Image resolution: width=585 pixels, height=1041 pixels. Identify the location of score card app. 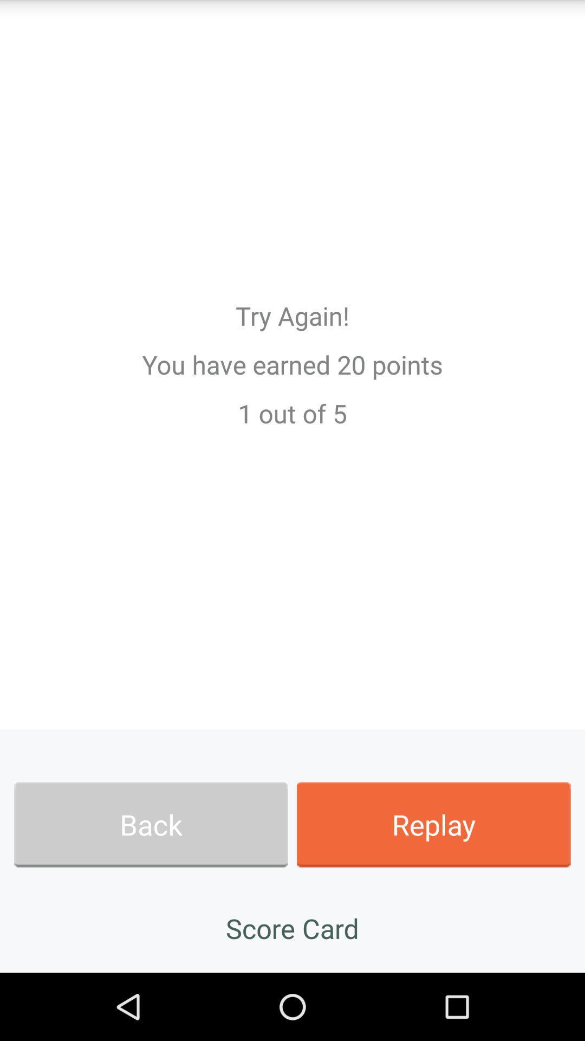
(292, 928).